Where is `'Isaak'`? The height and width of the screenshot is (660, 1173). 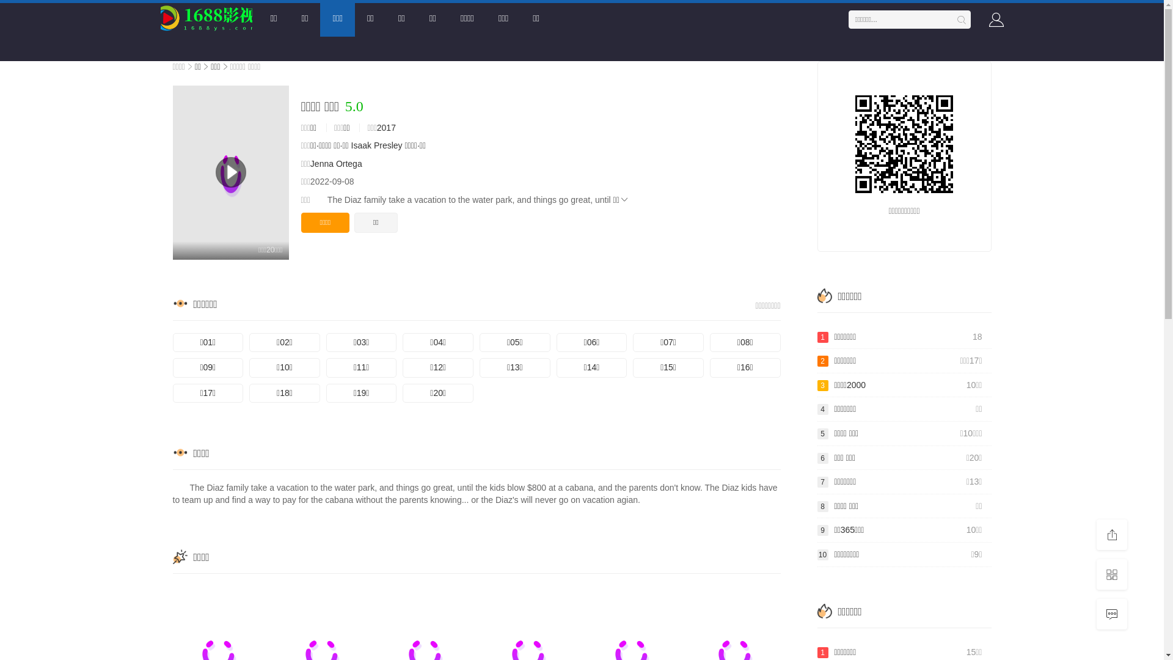
'Isaak' is located at coordinates (360, 145).